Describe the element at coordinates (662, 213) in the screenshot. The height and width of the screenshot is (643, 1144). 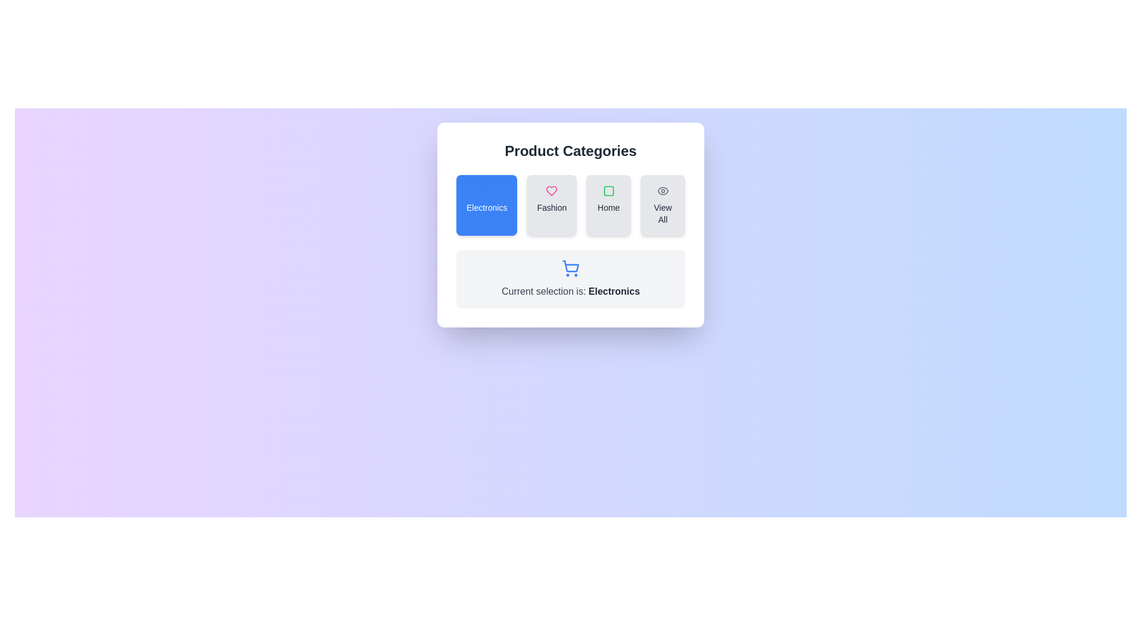
I see `text label 'View All' located below the eye icon in the rightmost button of the horizontal category selection menu` at that location.